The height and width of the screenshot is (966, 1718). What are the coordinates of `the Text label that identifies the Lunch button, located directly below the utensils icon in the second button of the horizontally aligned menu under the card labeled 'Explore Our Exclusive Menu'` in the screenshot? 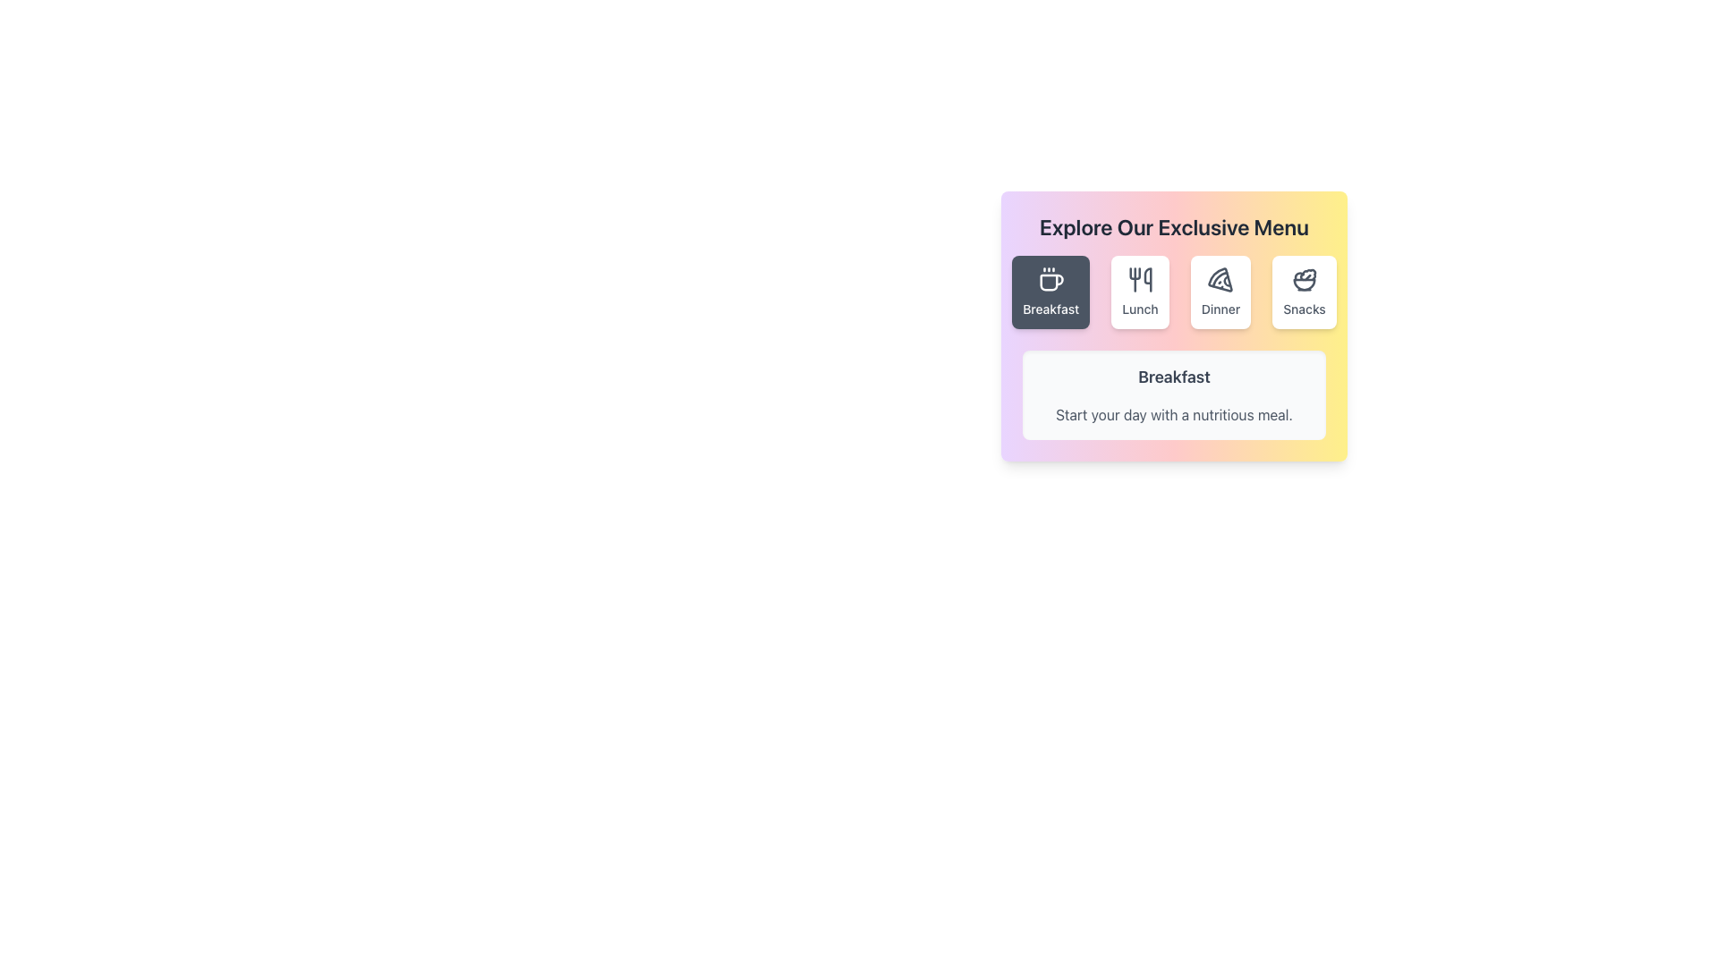 It's located at (1139, 309).